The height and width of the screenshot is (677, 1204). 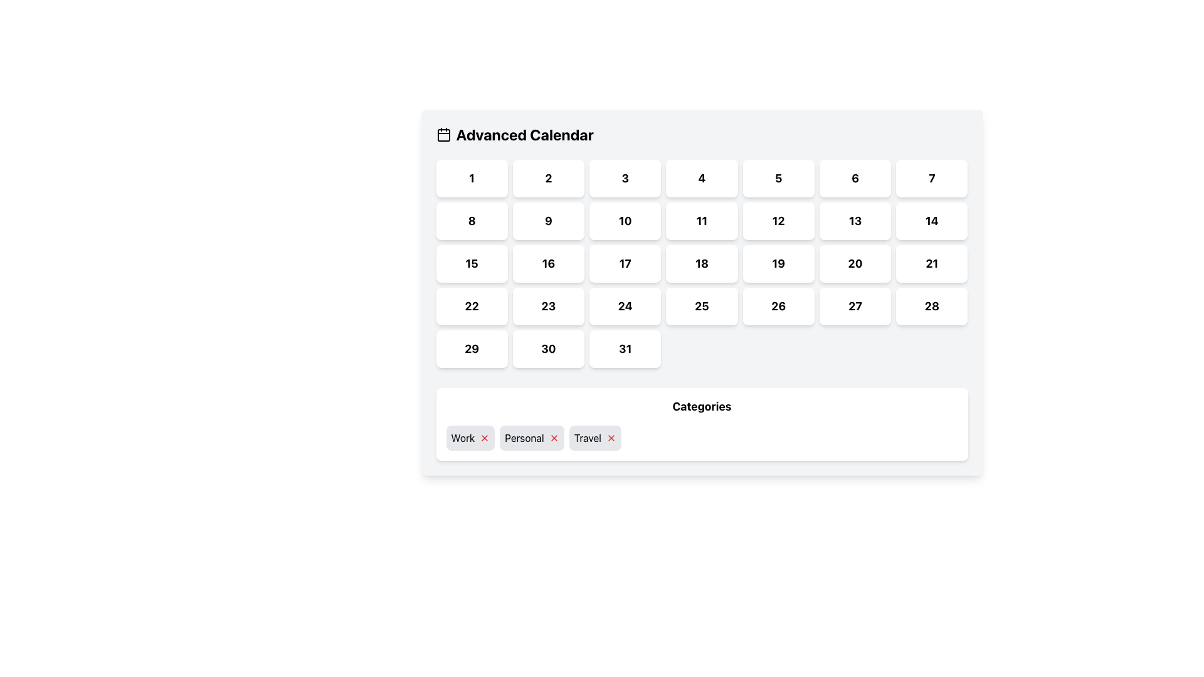 What do you see at coordinates (548, 263) in the screenshot?
I see `the button representing the 16th day in the calendar view` at bounding box center [548, 263].